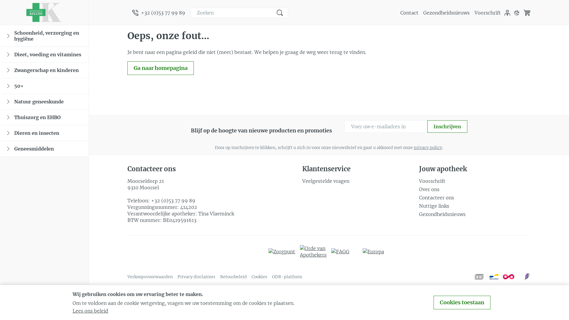  What do you see at coordinates (44, 55) in the screenshot?
I see `'Dieet, voeding en vitamines'` at bounding box center [44, 55].